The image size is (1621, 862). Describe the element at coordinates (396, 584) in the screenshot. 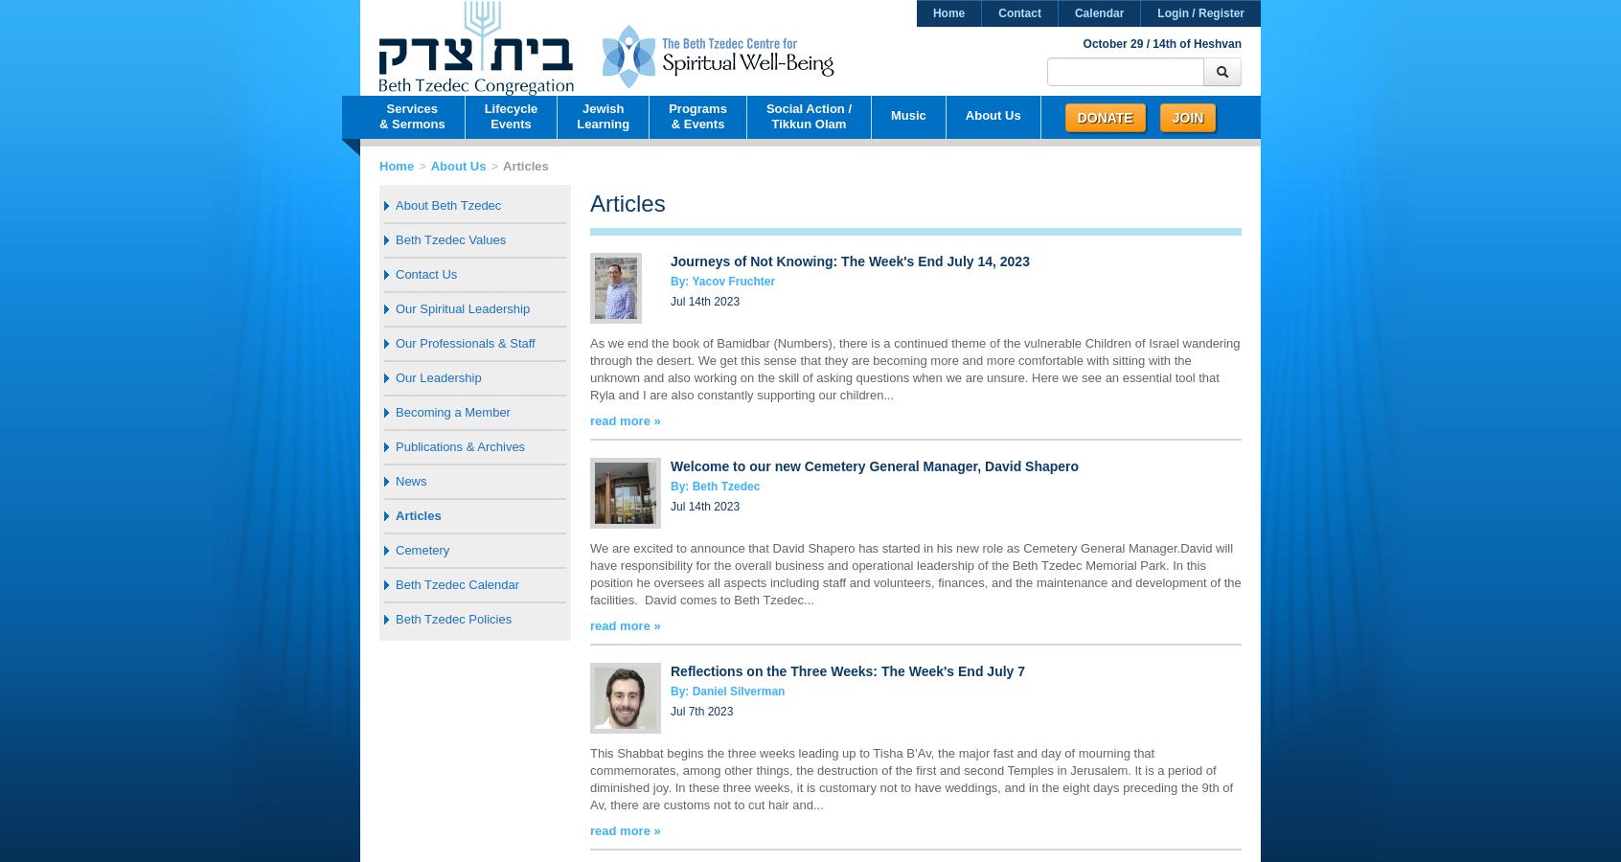

I see `'Beth Tzedec Calendar'` at that location.